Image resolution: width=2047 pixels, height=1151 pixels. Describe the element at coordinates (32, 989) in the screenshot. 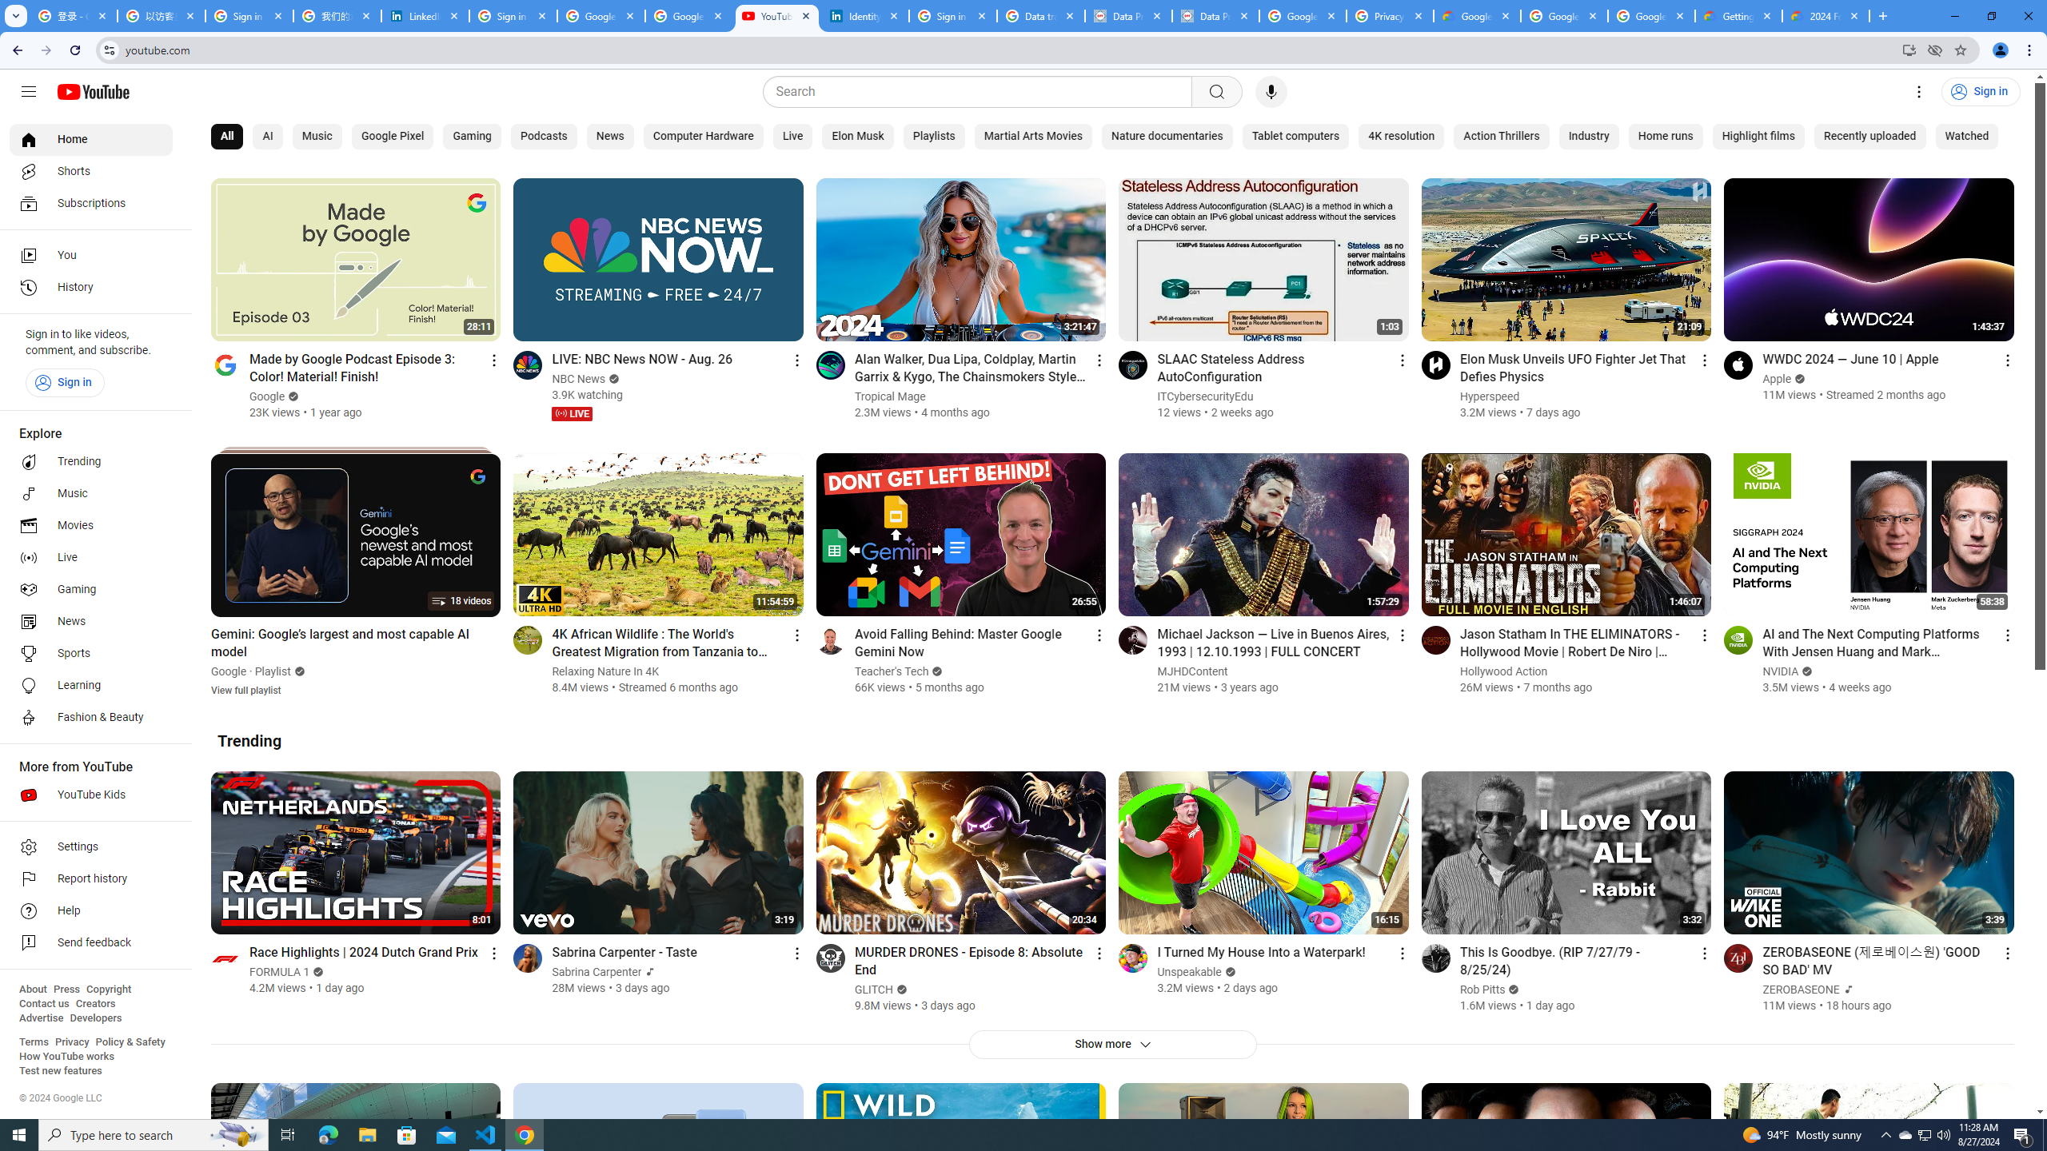

I see `'About'` at that location.